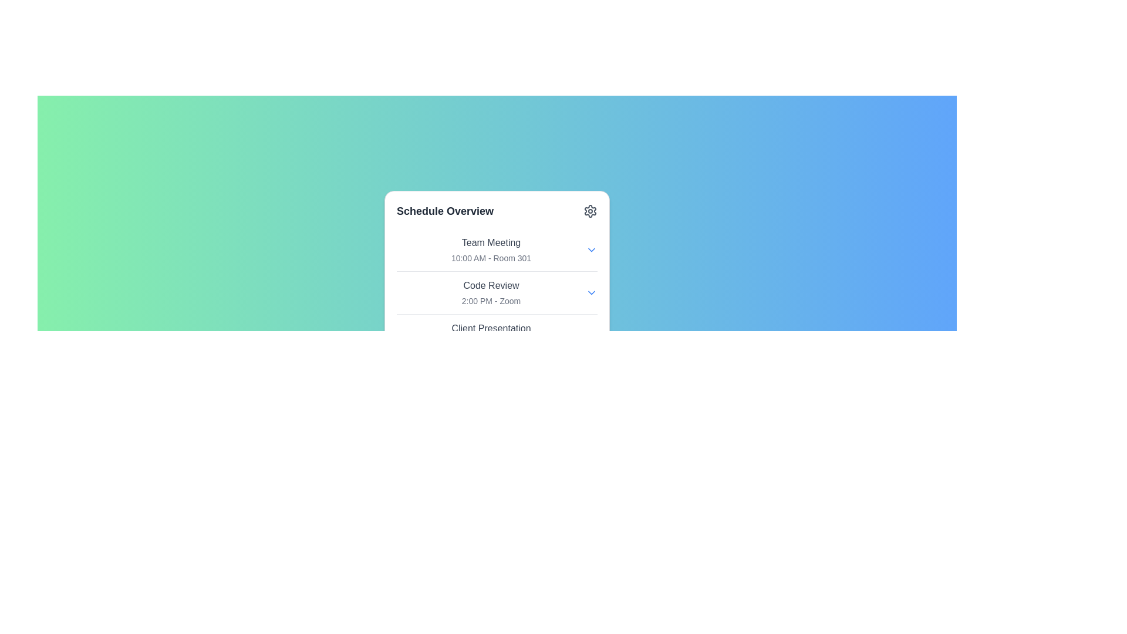  Describe the element at coordinates (491, 285) in the screenshot. I see `the 'Code Review' text label, which is a medium weight, gray colored label positioned centrally in the UI` at that location.